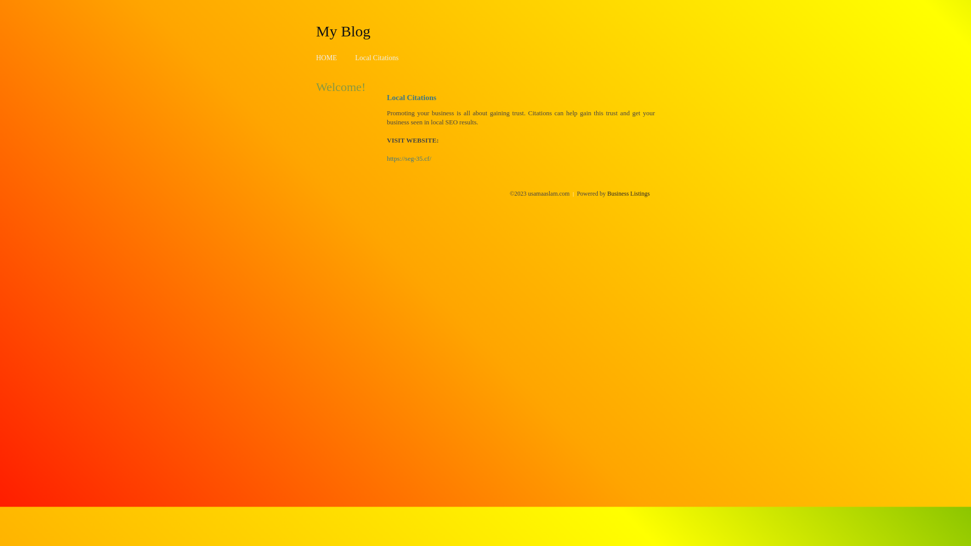 Image resolution: width=971 pixels, height=546 pixels. Describe the element at coordinates (628, 193) in the screenshot. I see `'Business Listings'` at that location.